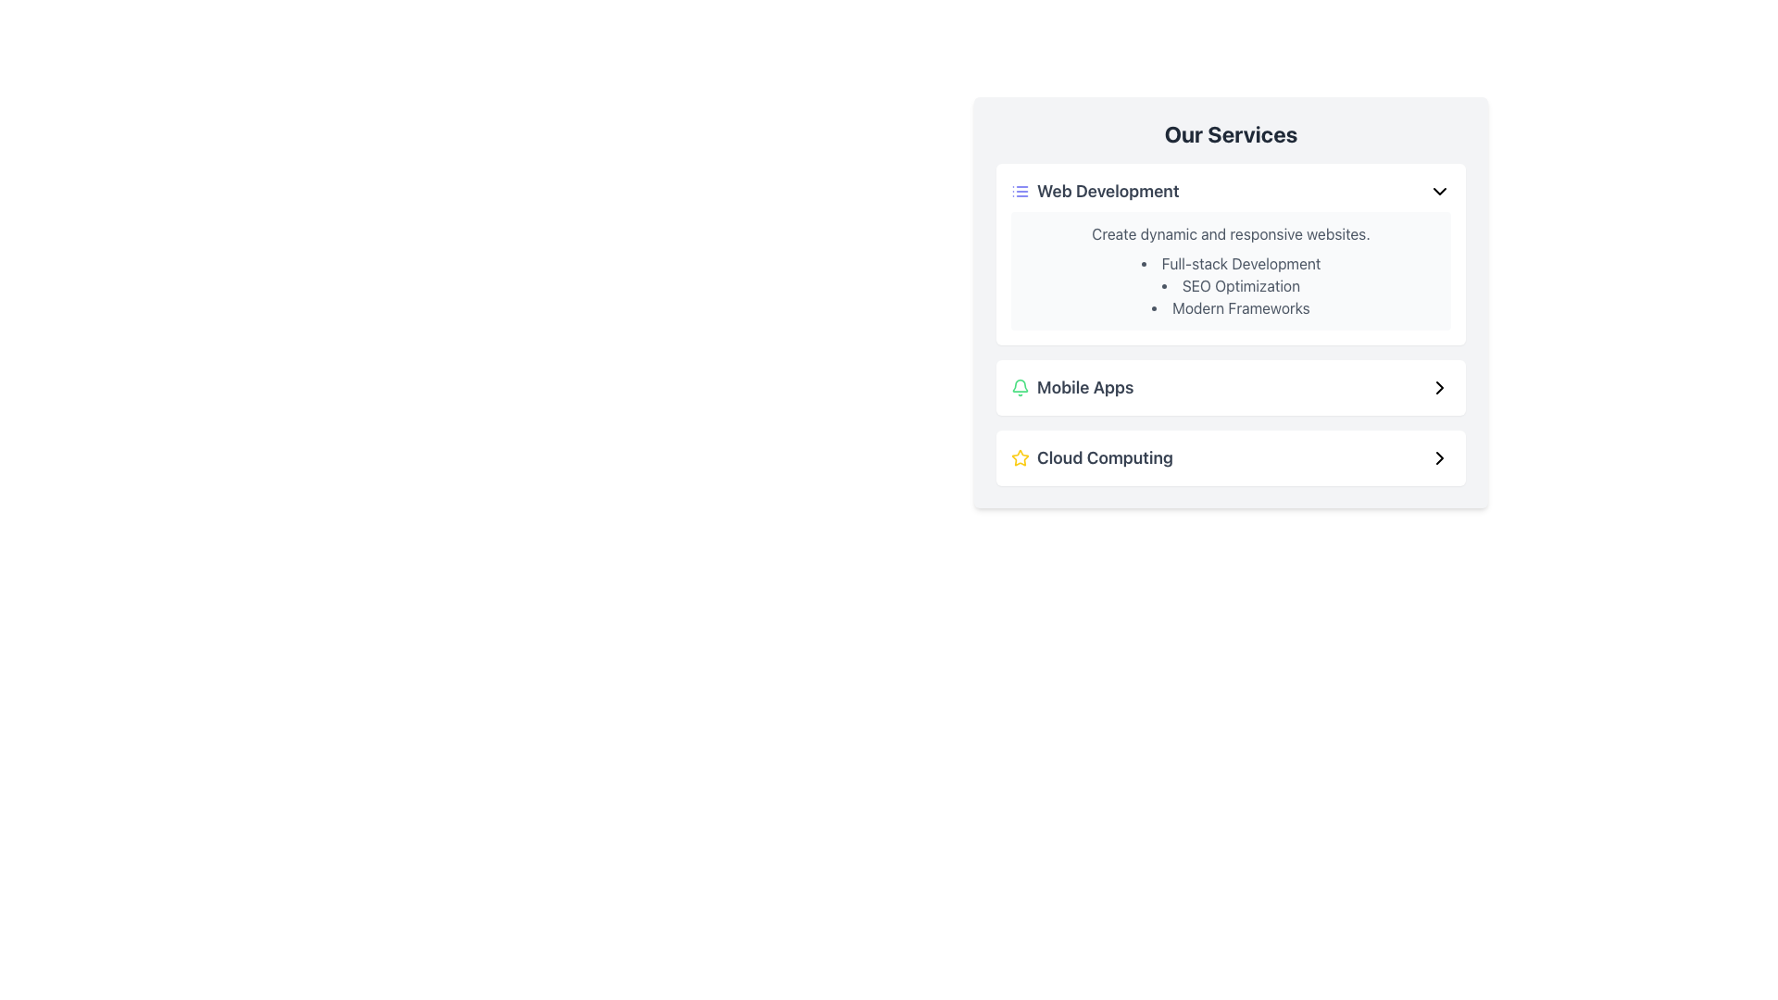  Describe the element at coordinates (1231, 457) in the screenshot. I see `the third interactive item under the 'Our Services' section` at that location.